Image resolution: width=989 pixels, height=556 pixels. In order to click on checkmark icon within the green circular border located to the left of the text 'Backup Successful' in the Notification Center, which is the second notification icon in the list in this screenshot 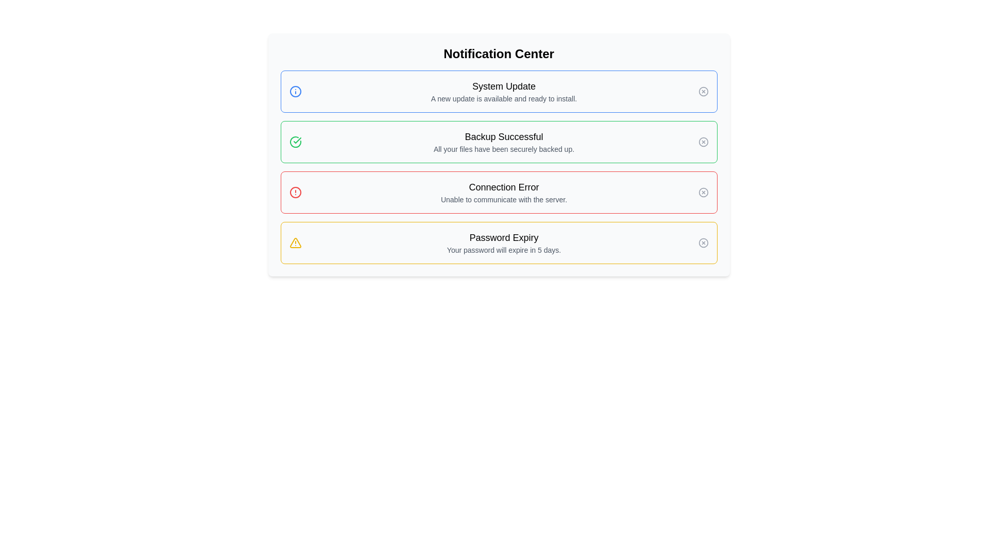, I will do `click(296, 141)`.